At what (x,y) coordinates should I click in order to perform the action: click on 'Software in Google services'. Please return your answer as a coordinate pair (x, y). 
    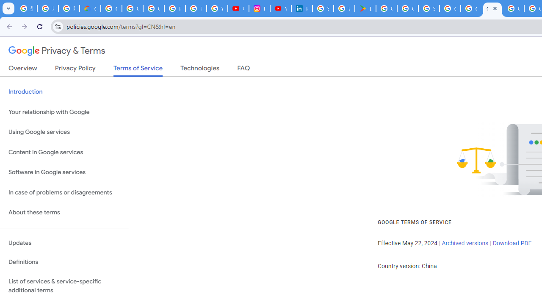
    Looking at the image, I should click on (64, 172).